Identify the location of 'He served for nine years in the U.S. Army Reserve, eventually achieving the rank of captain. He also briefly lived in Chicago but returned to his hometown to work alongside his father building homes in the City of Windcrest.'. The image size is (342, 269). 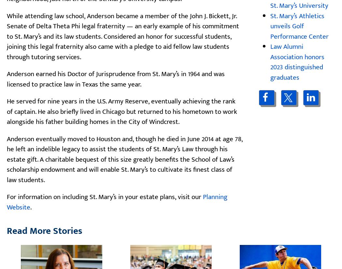
(7, 112).